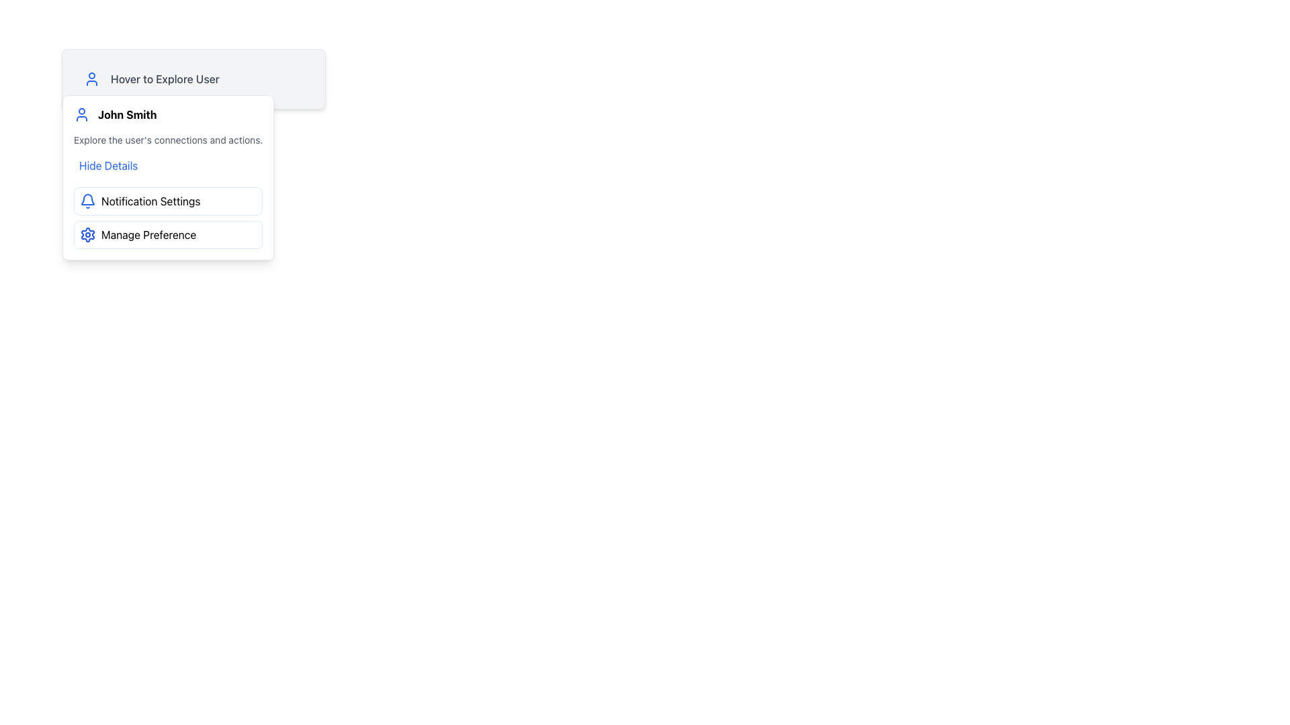  Describe the element at coordinates (167, 140) in the screenshot. I see `the Text label that provides information related to 'John Smith', located within the white popup card below the title 'John Smith' and above the button-like text 'Hide Details'` at that location.